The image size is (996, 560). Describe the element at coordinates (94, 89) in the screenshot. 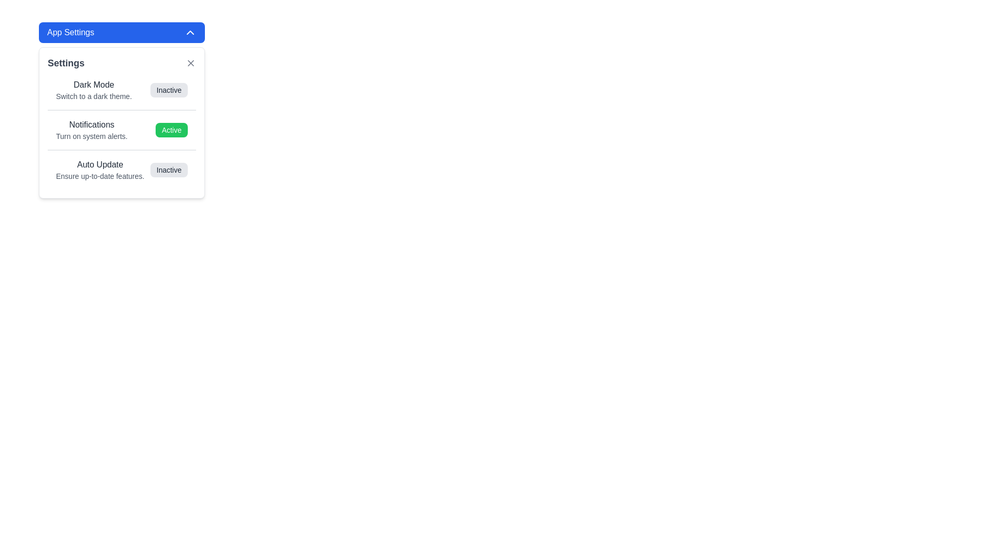

I see `the informational text block titled 'Dark Mode' which contains the description 'Switch to a dark theme.' located at the top of the settings options list in the 'Settings' dialog box` at that location.